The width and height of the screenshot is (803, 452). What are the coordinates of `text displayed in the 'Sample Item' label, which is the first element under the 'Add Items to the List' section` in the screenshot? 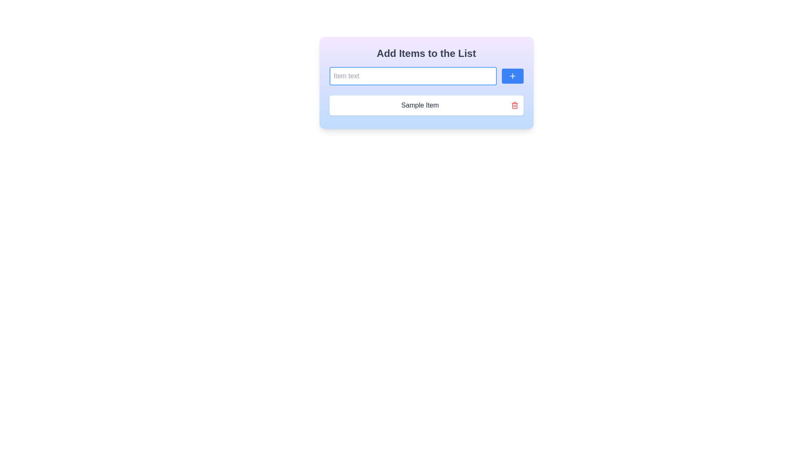 It's located at (420, 105).